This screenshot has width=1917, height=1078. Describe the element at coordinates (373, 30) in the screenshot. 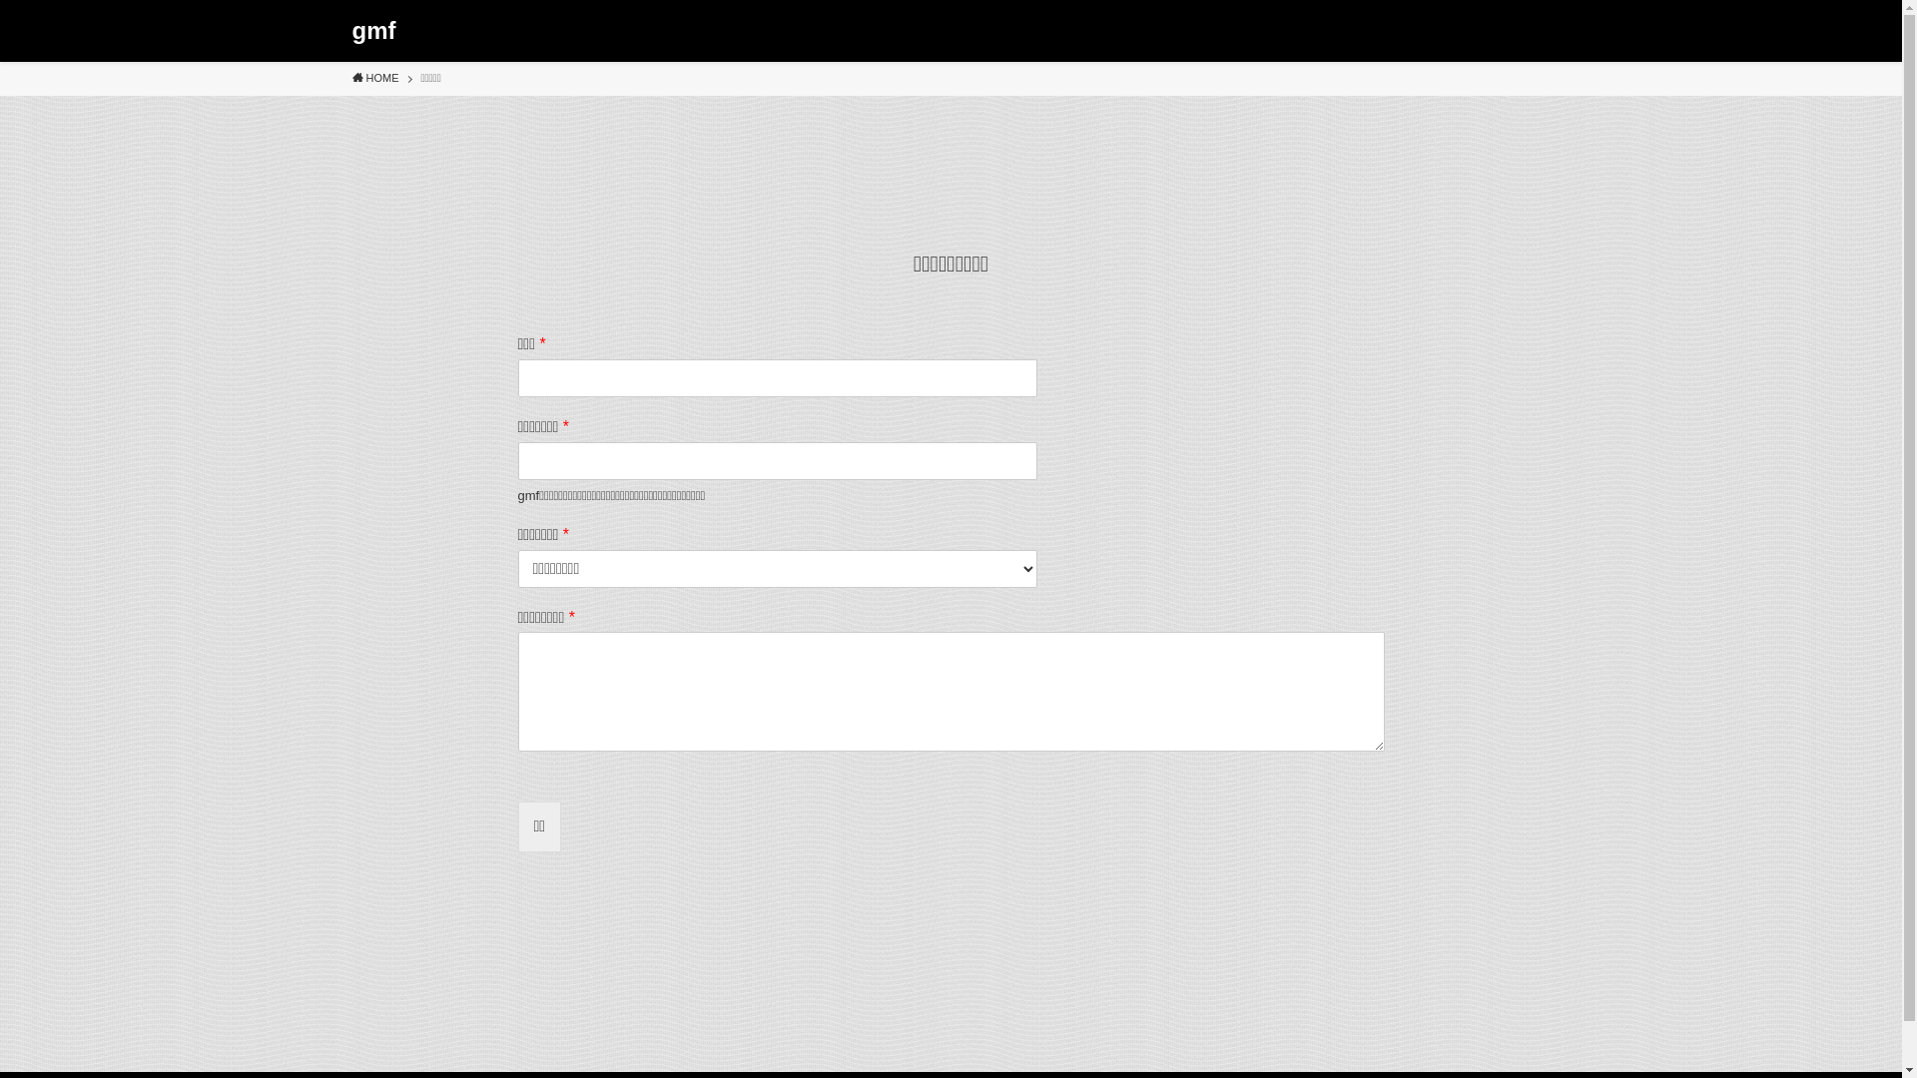

I see `'gmf'` at that location.